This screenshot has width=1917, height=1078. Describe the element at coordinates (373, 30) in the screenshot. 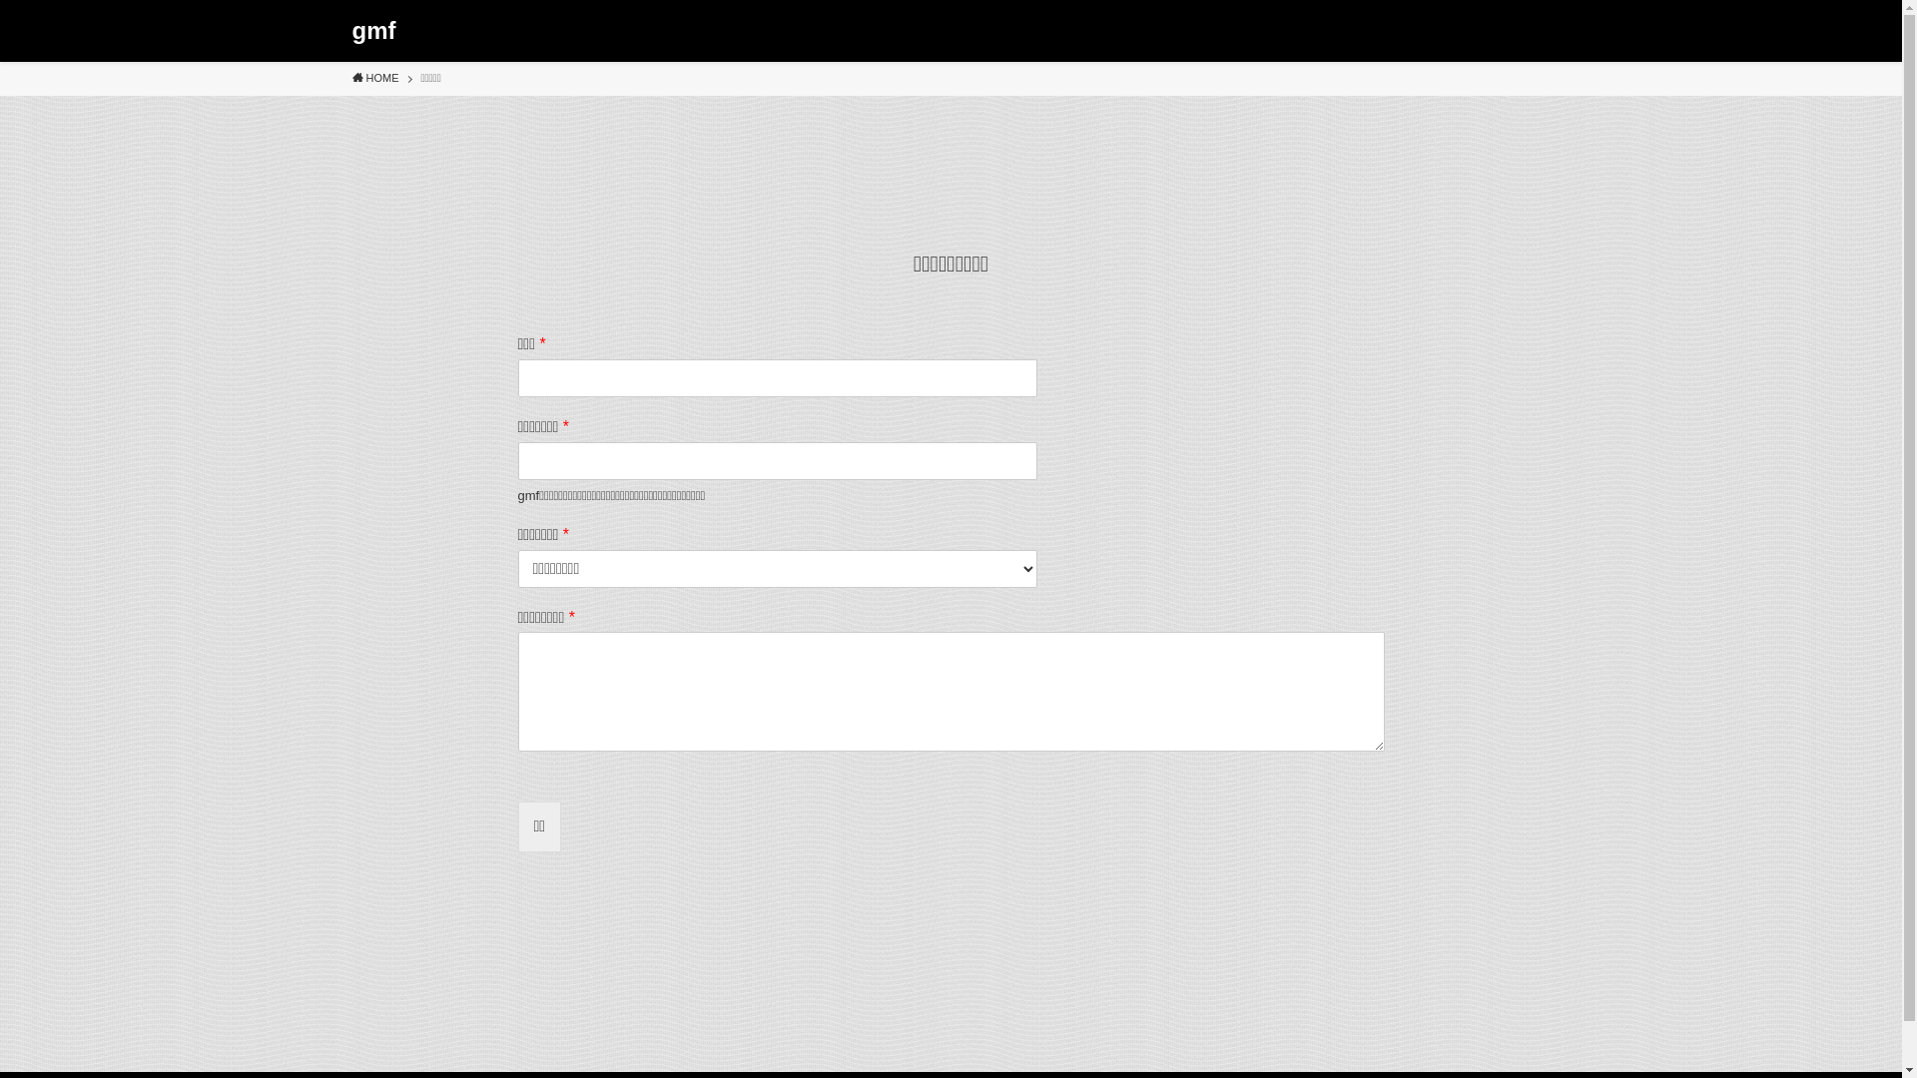

I see `'gmf'` at that location.